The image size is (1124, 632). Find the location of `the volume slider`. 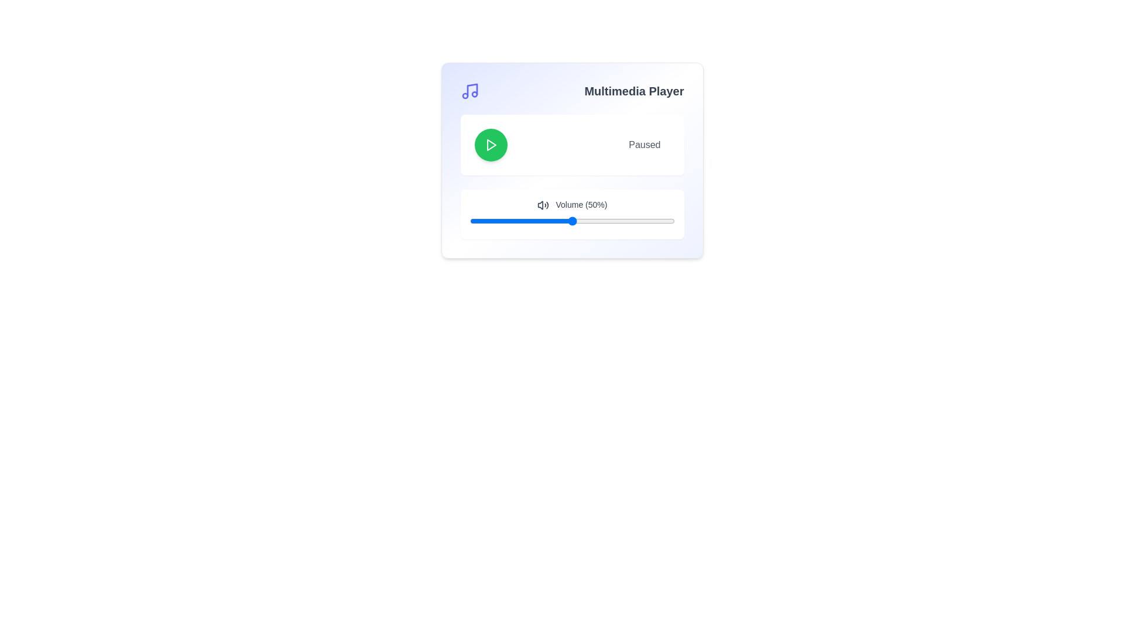

the volume slider is located at coordinates (672, 221).